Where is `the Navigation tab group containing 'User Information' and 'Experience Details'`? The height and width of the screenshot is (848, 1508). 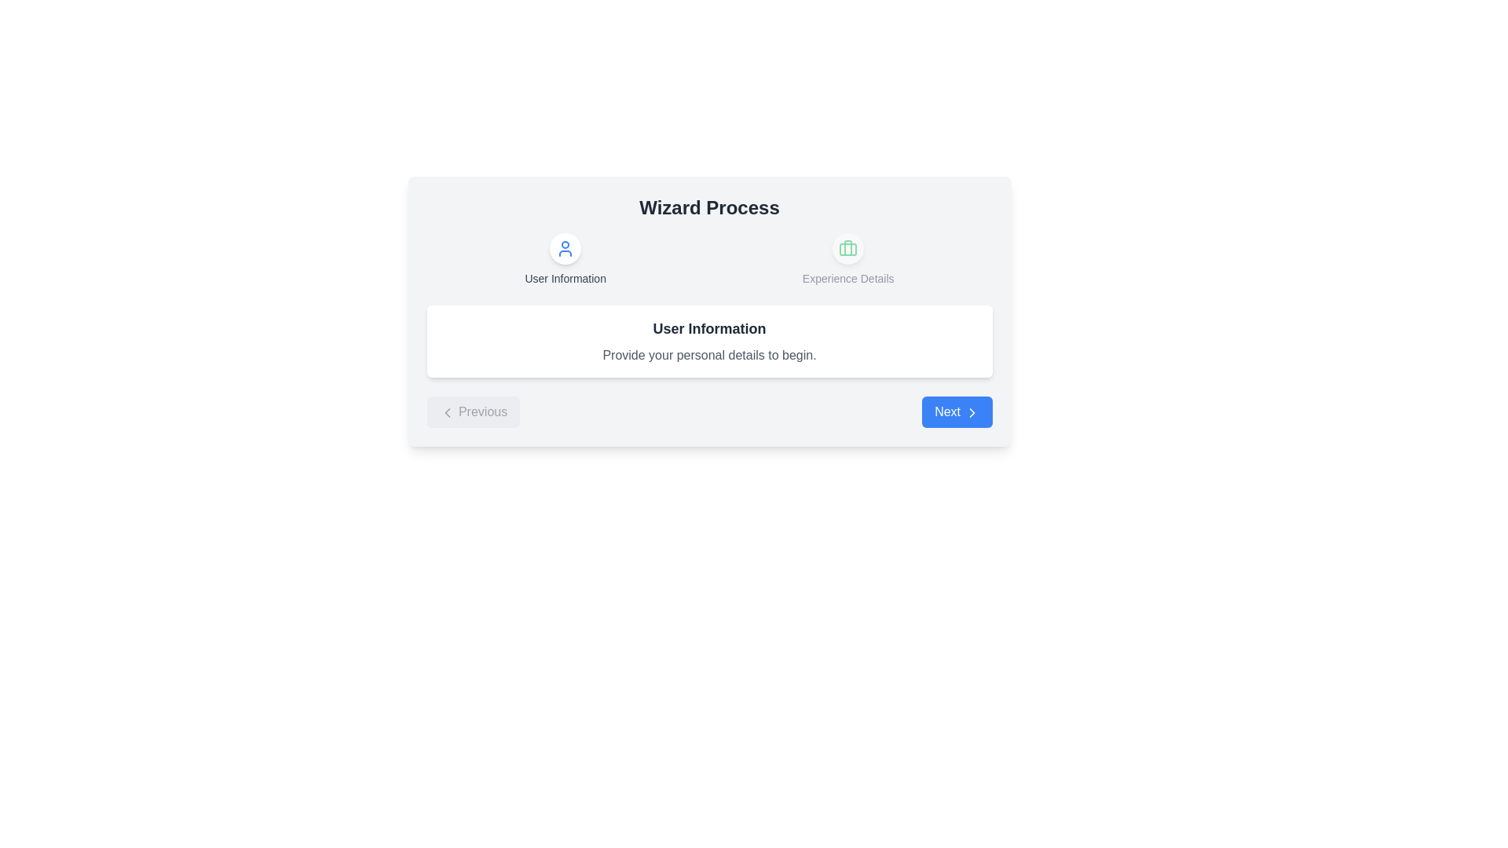 the Navigation tab group containing 'User Information' and 'Experience Details' is located at coordinates (708, 259).